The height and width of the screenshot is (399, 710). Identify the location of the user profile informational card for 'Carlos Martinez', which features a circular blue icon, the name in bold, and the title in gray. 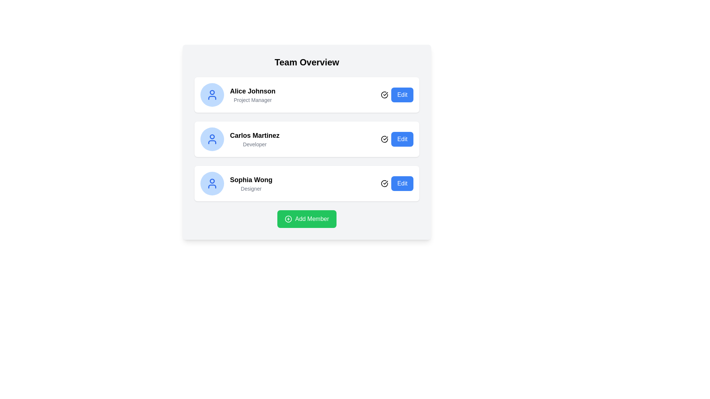
(240, 139).